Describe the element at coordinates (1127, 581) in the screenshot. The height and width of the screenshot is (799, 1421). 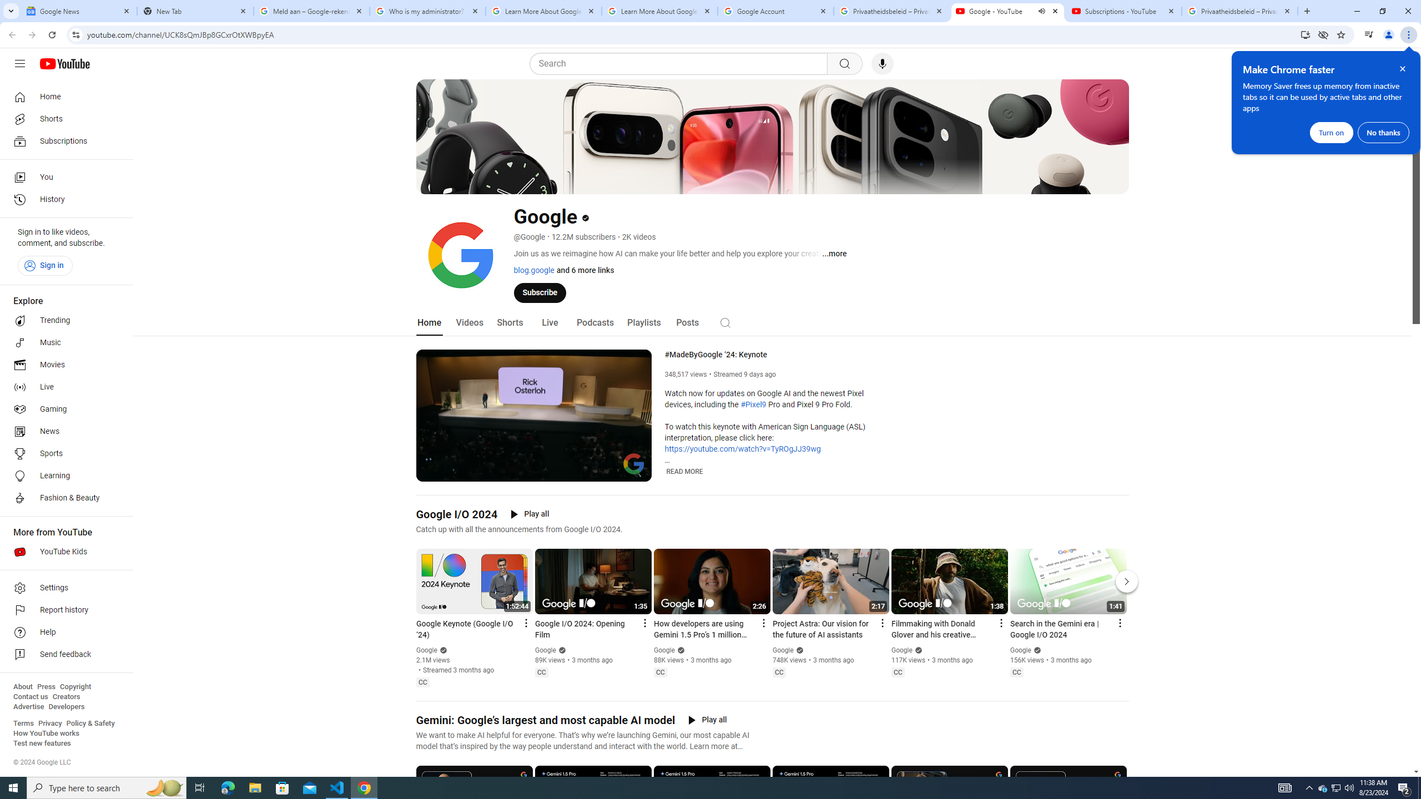
I see `'Next'` at that location.